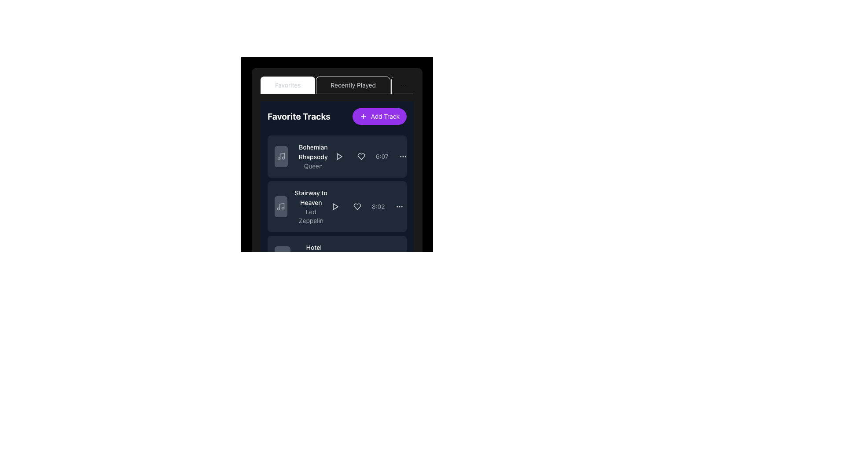 The height and width of the screenshot is (475, 845). What do you see at coordinates (337, 182) in the screenshot?
I see `the second song card titled 'Stairway to Heaven' in the Favorites tab` at bounding box center [337, 182].